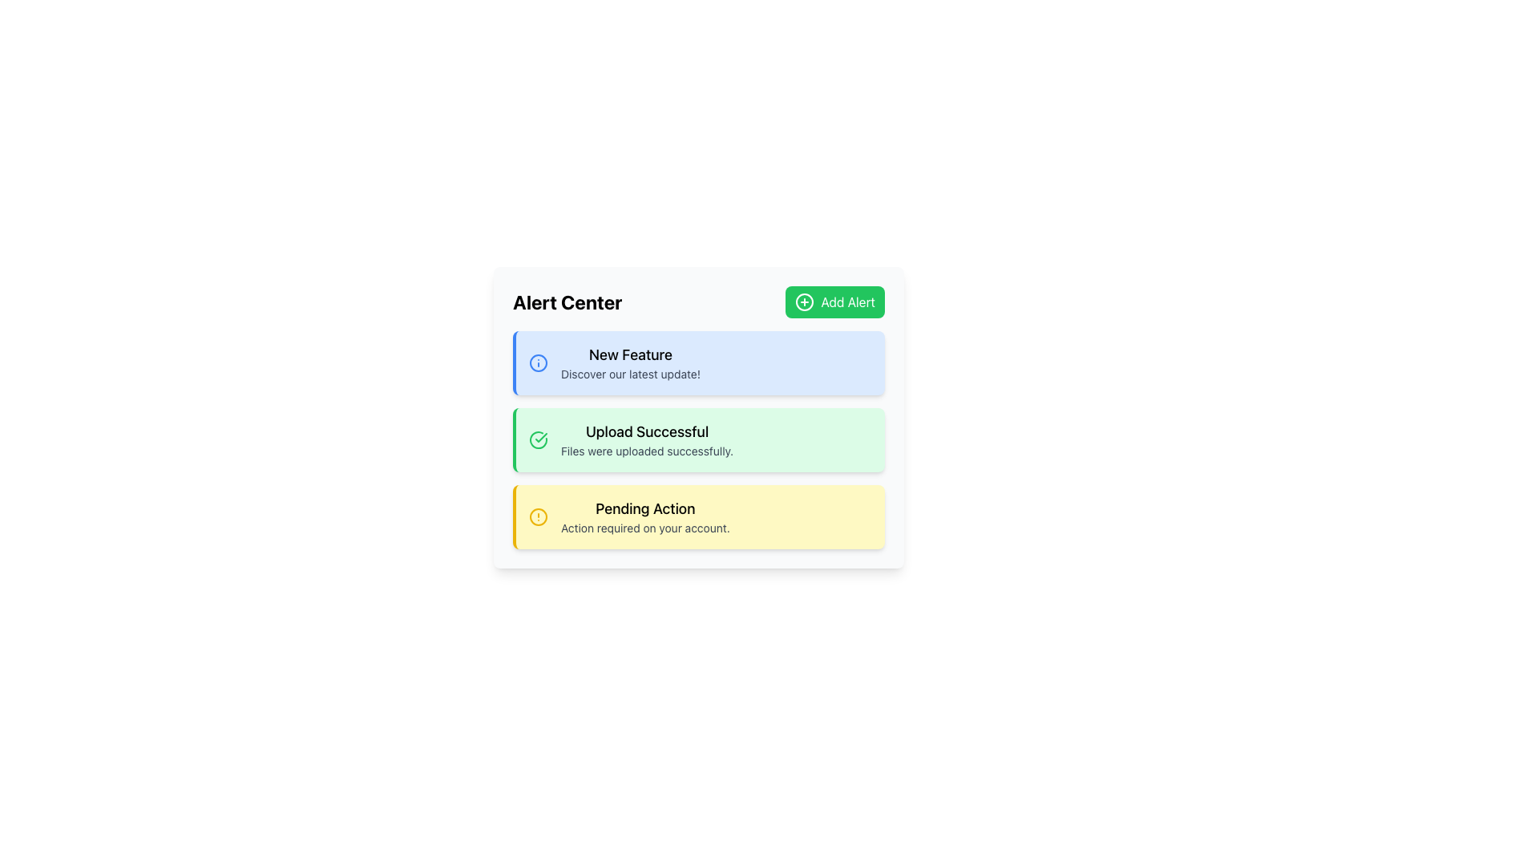  Describe the element at coordinates (805, 302) in the screenshot. I see `the circular SVG element located within the 'Add Alert' button region, which is positioned to the left of the text 'Add Alert' in a green button near the top-right corner of the 'Alert Center' card` at that location.